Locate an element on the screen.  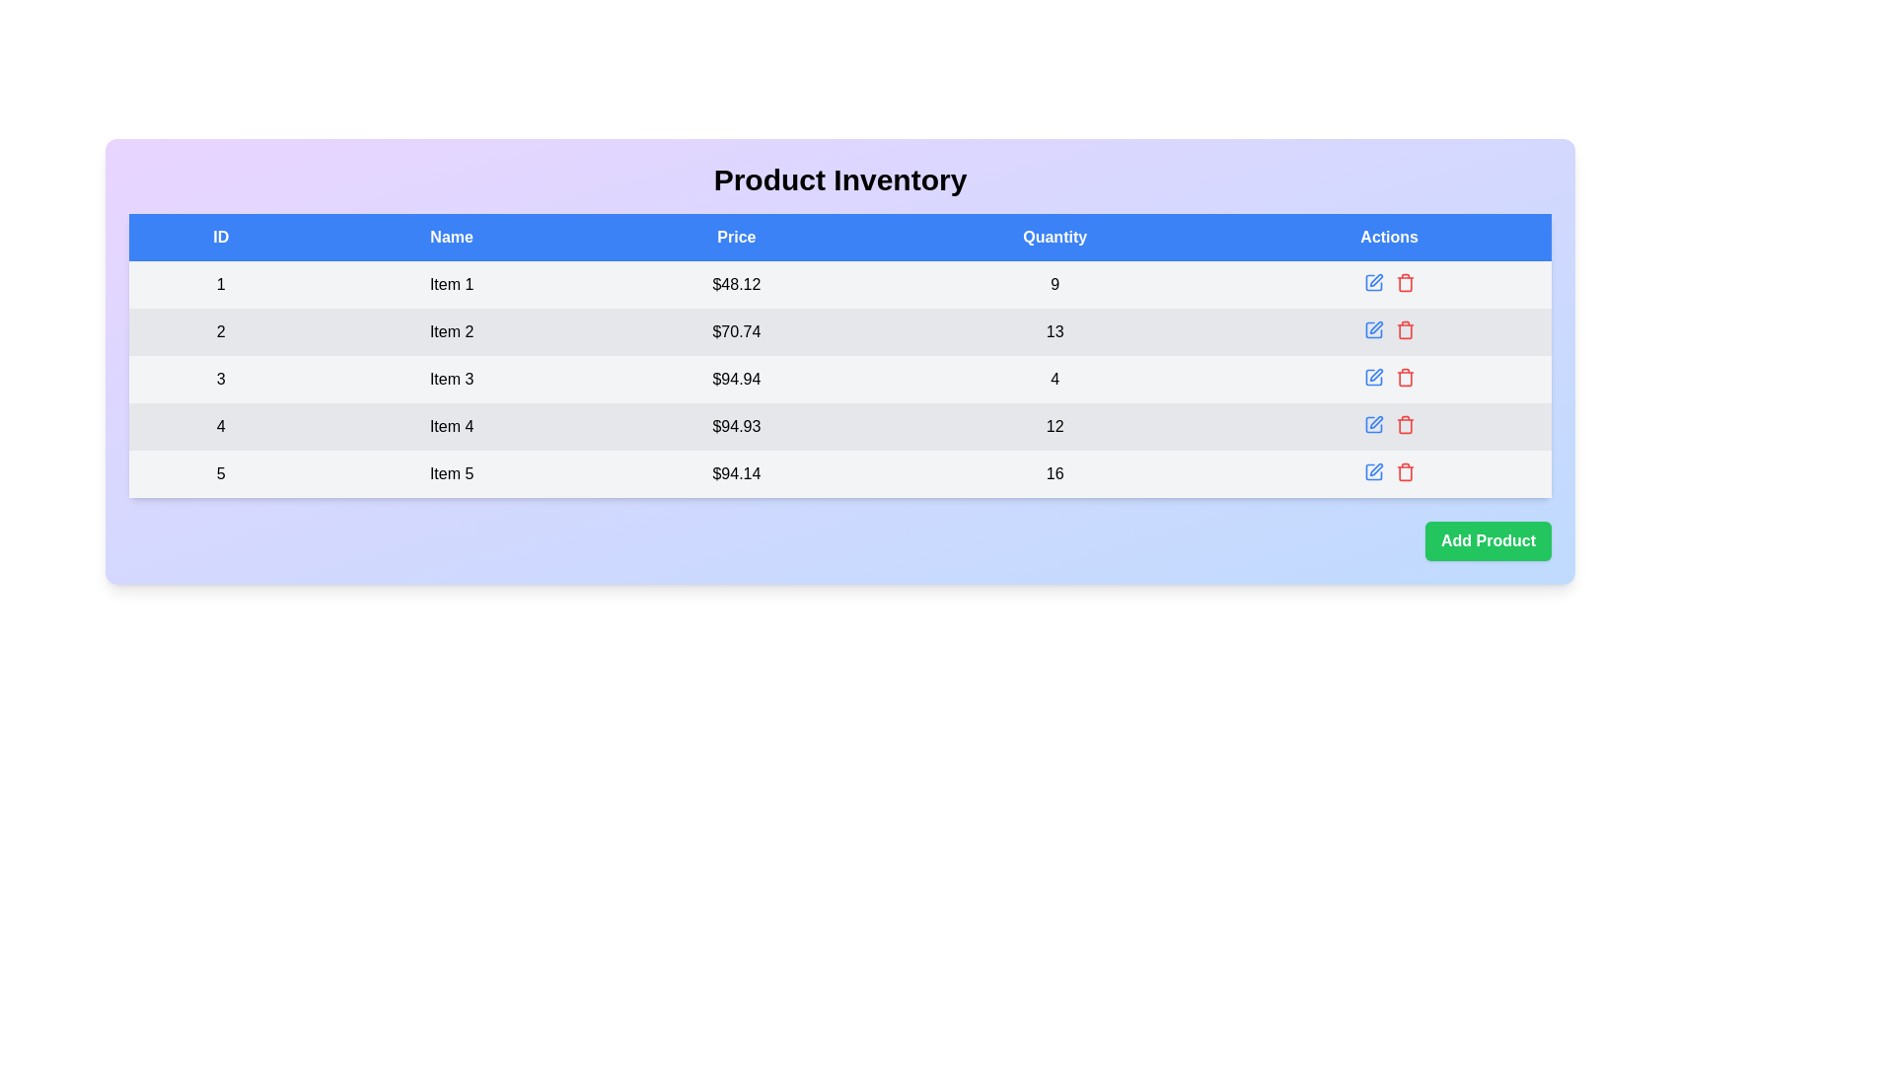
the numerical figure '4' in the 'Quantity' column of the third row in the product inventory table is located at coordinates (1054, 380).